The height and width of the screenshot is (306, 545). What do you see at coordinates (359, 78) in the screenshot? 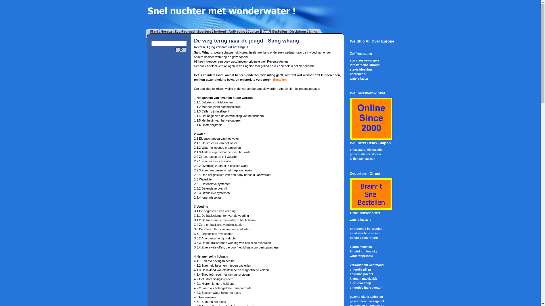
I see `'wateralkalizer'` at bounding box center [359, 78].